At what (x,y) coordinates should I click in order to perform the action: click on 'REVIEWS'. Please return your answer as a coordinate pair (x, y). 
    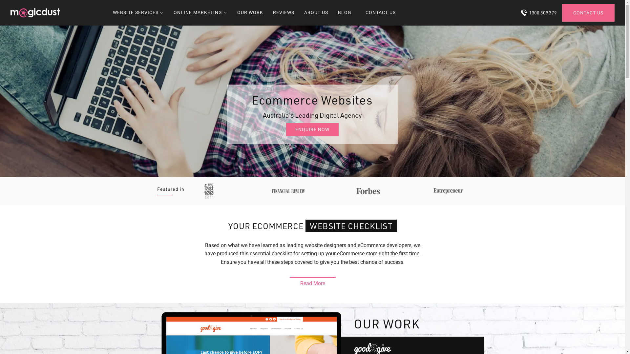
    Looking at the image, I should click on (283, 12).